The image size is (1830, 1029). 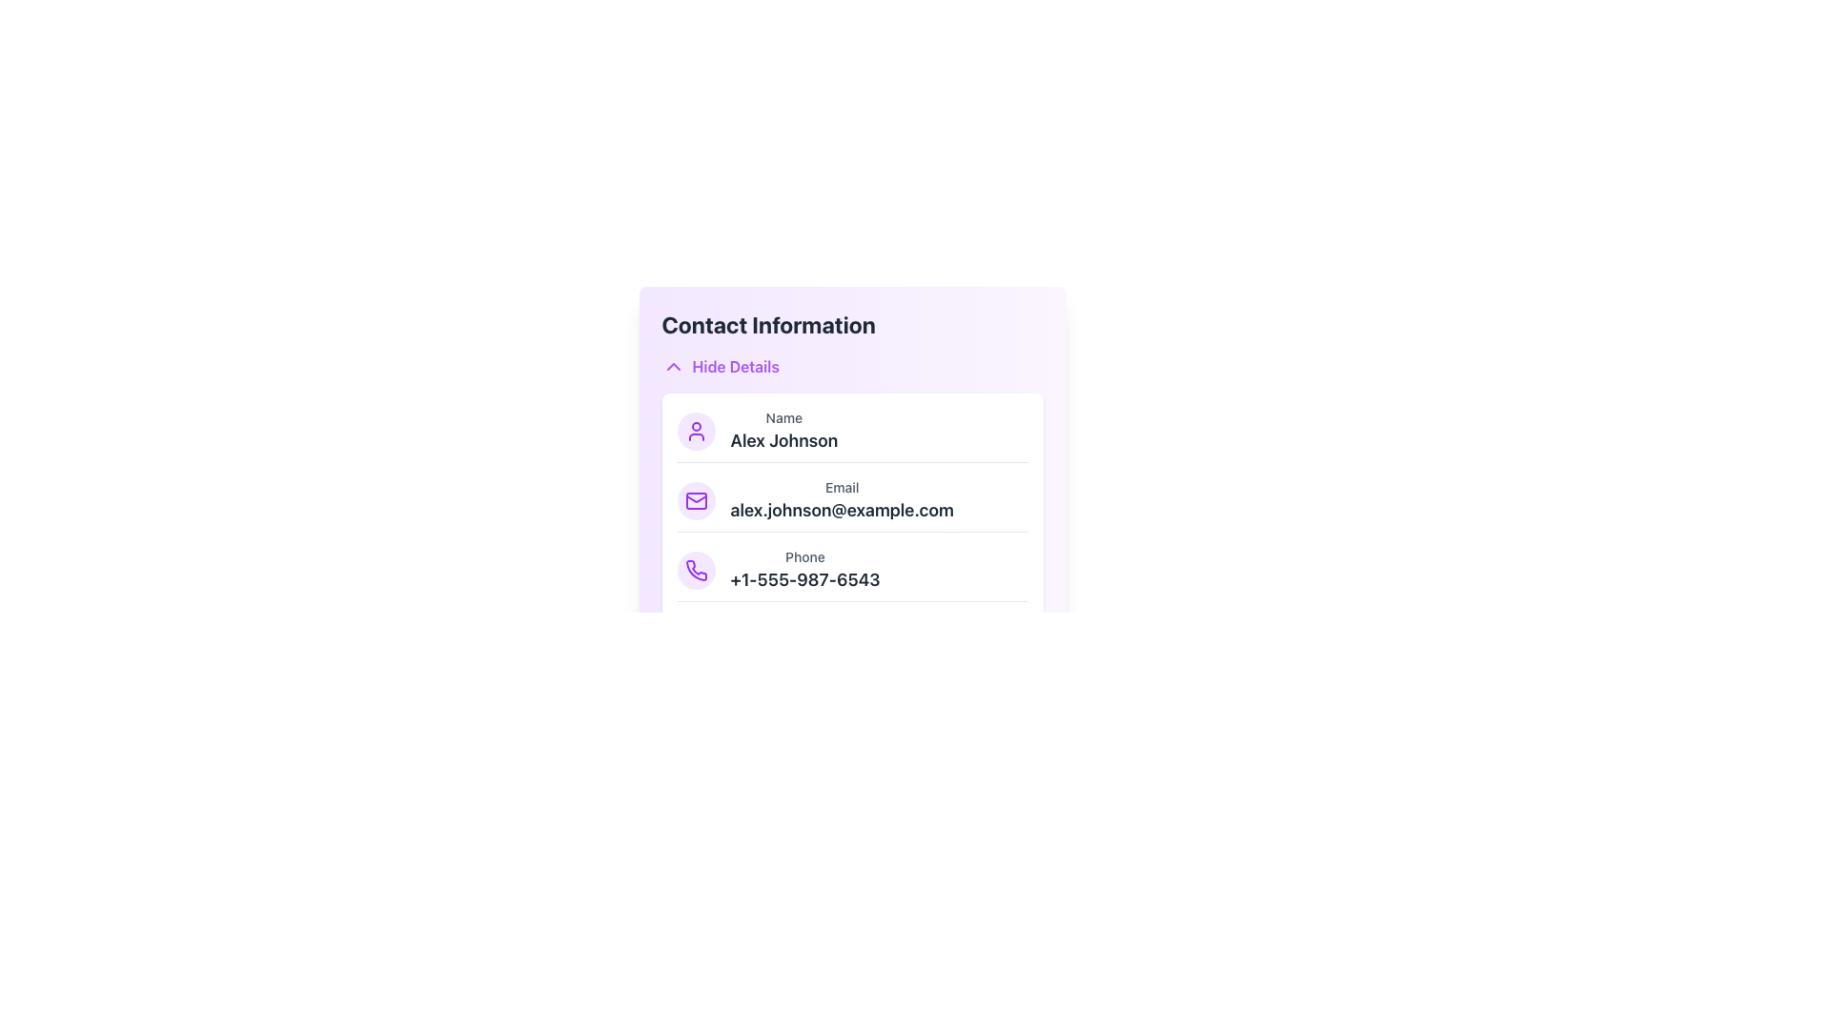 I want to click on the data display component showing the email address 'alex.johnson@example.com' associated with user 'Alex Johnson' located within the 'Contact Information' card, so click(x=851, y=504).